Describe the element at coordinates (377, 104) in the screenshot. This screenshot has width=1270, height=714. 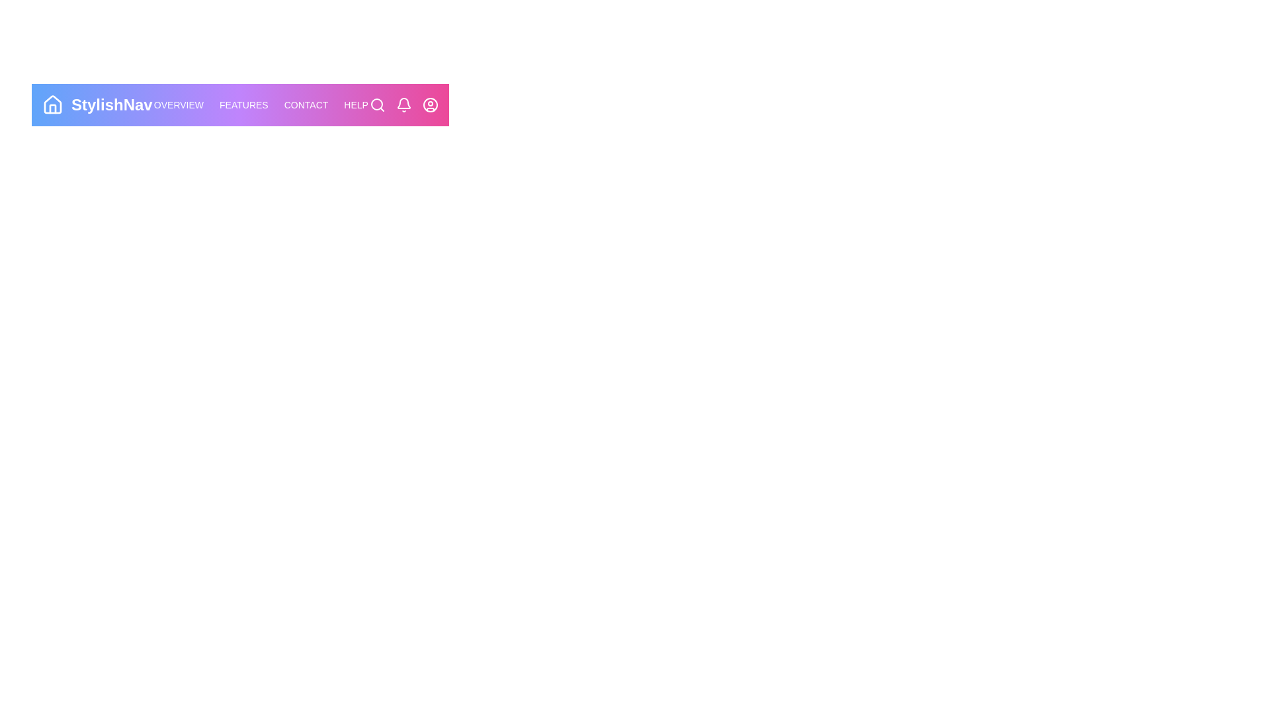
I see `the Search icon in the StyledAppBar` at that location.